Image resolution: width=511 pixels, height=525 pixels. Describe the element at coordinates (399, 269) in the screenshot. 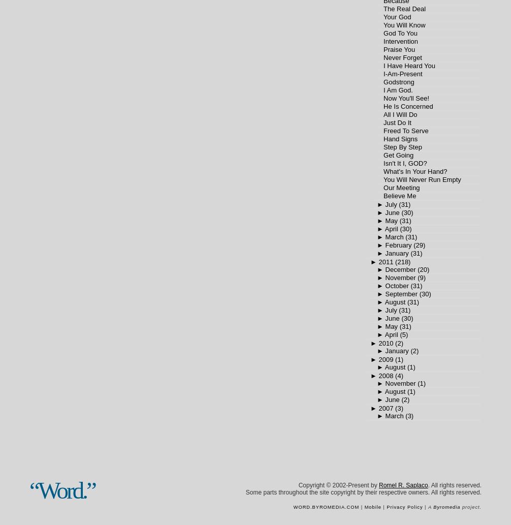

I see `'December'` at that location.